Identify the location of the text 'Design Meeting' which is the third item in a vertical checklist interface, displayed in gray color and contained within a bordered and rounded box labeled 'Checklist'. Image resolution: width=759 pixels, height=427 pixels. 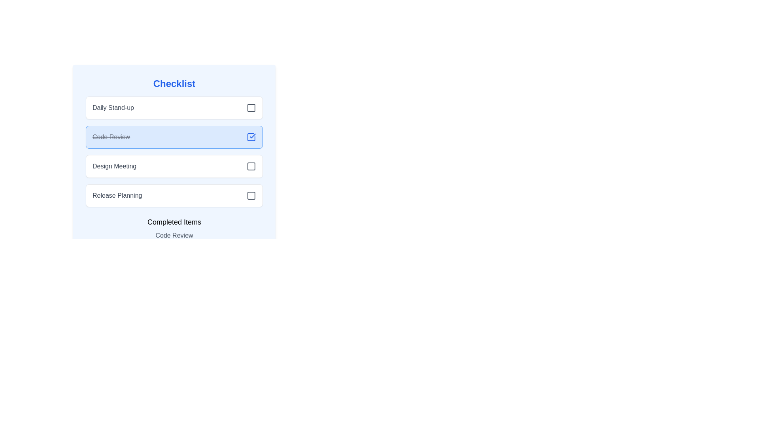
(114, 166).